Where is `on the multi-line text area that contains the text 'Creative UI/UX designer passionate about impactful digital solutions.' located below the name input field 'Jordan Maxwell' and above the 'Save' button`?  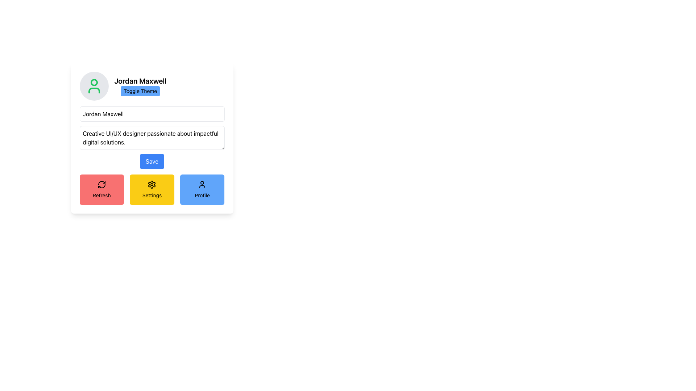
on the multi-line text area that contains the text 'Creative UI/UX designer passionate about impactful digital solutions.' located below the name input field 'Jordan Maxwell' and above the 'Save' button is located at coordinates (152, 138).